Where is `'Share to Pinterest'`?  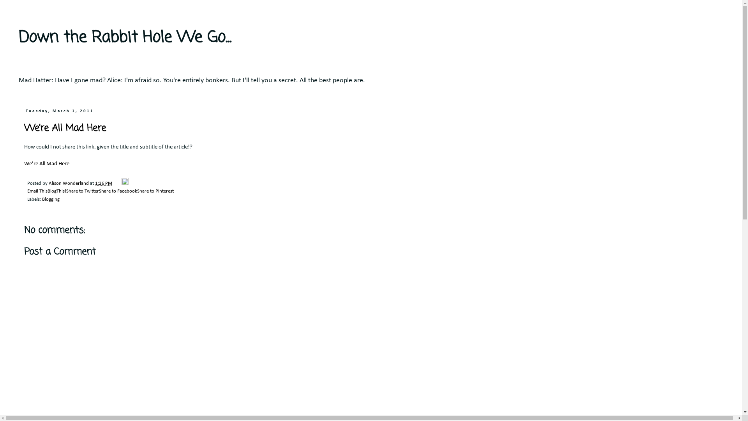 'Share to Pinterest' is located at coordinates (155, 191).